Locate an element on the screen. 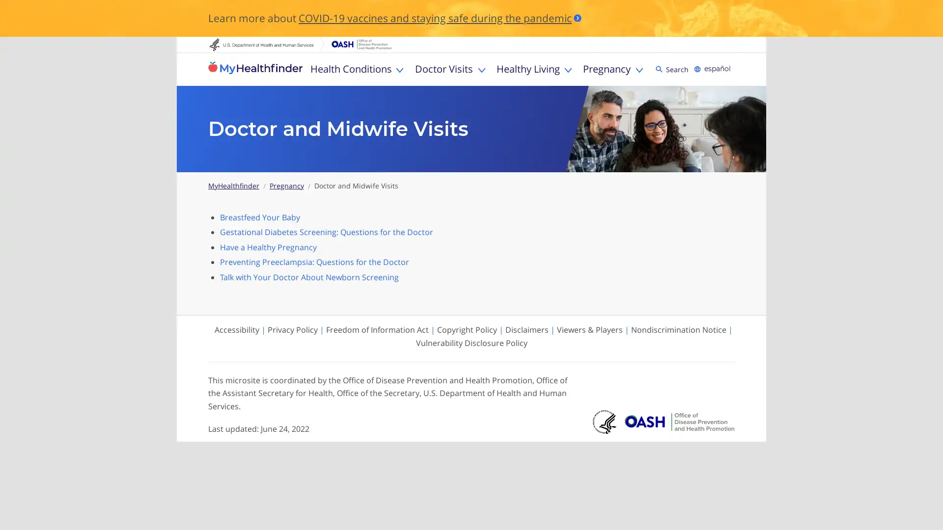 The height and width of the screenshot is (530, 943). Toggle Health Conditions sub menu is located at coordinates (400, 69).